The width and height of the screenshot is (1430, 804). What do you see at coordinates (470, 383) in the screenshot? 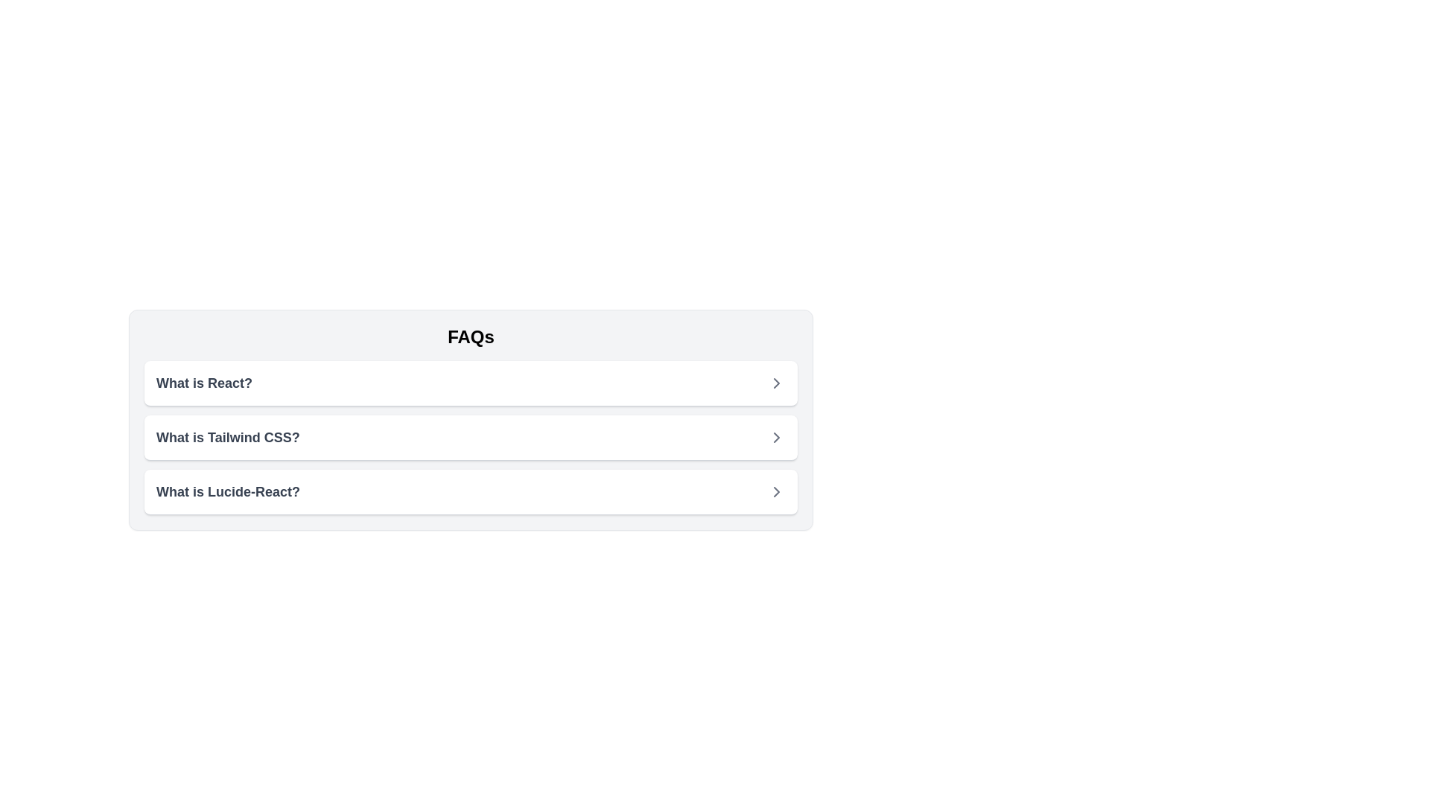
I see `the topmost Expandable List Item labeled 'What is React?' under the 'FAQs' section` at bounding box center [470, 383].